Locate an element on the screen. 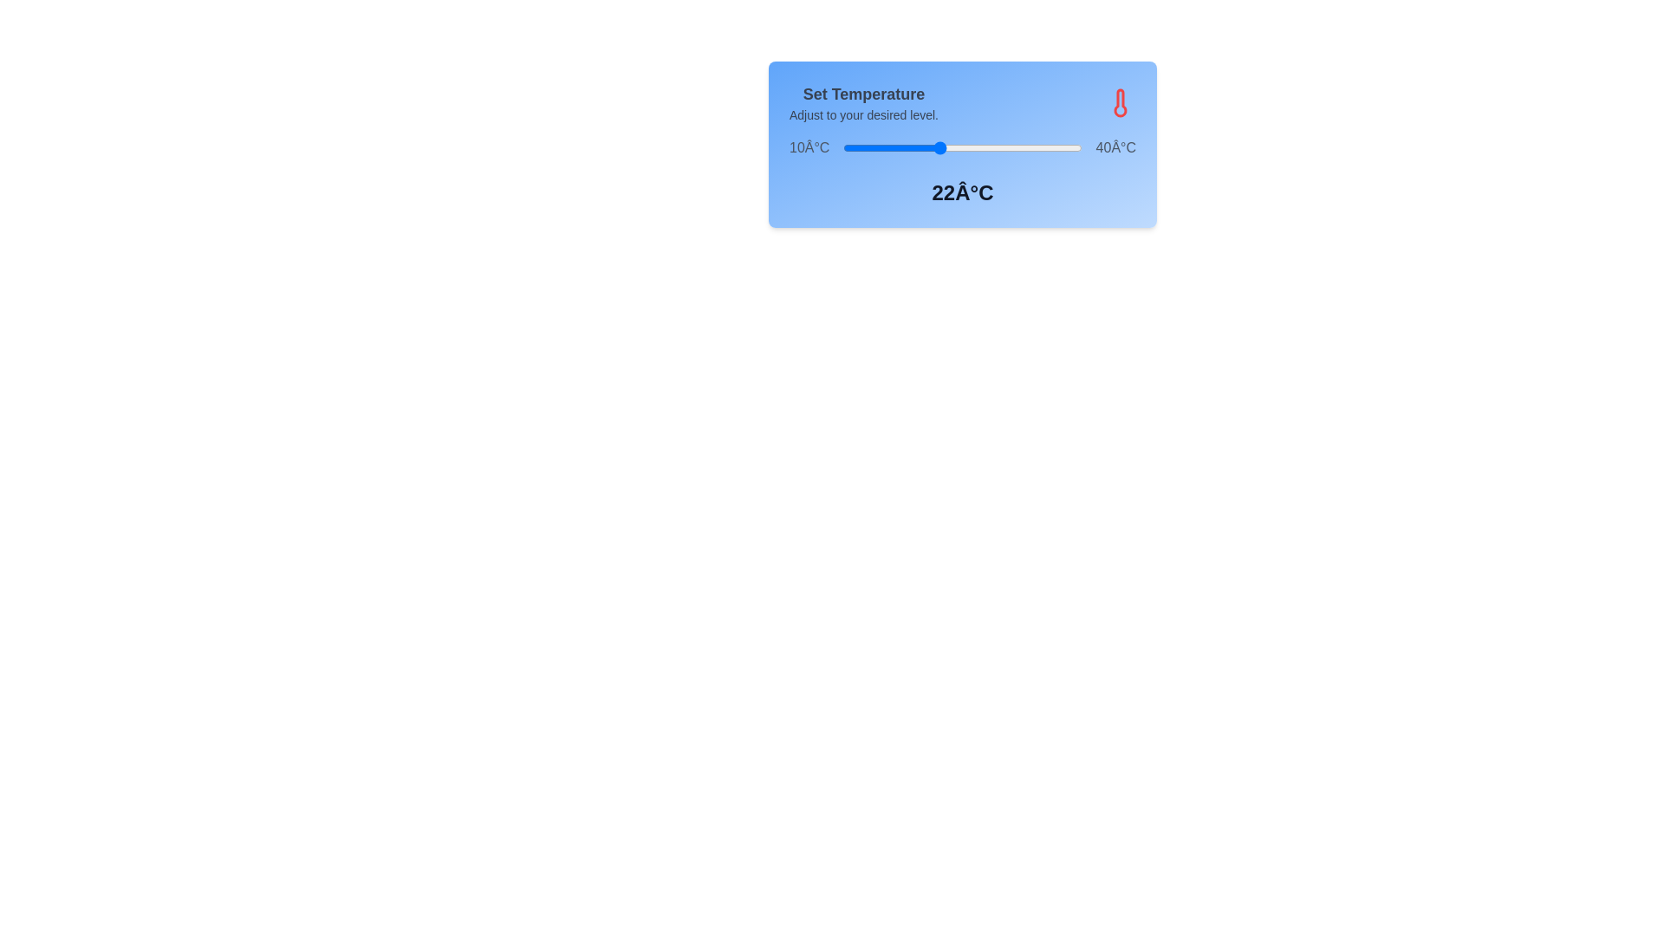 The width and height of the screenshot is (1664, 936). the temperature to 22°C by interacting with the slider is located at coordinates (938, 146).